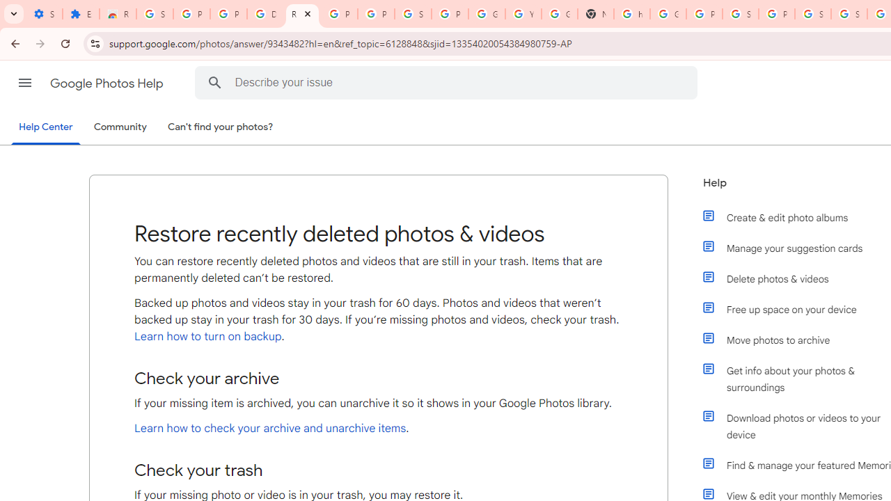  I want to click on 'Main menu', so click(24, 83).